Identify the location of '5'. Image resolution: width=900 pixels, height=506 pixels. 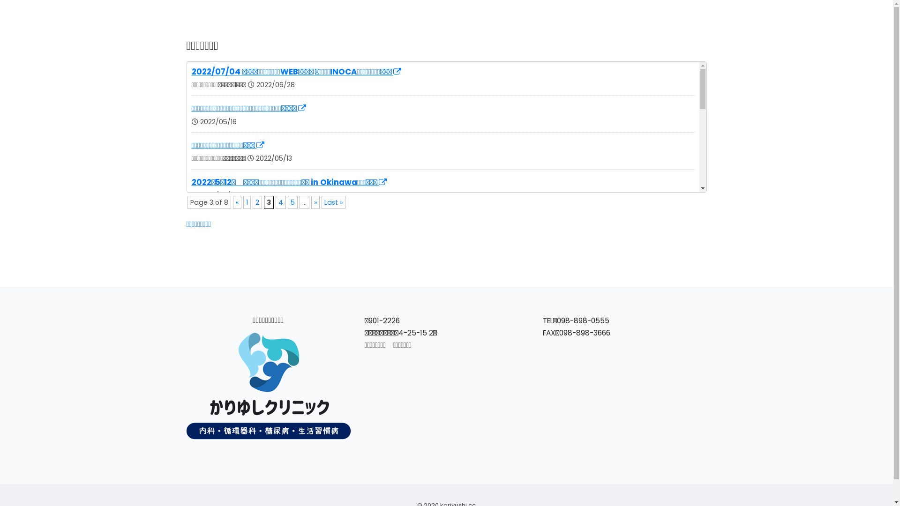
(287, 202).